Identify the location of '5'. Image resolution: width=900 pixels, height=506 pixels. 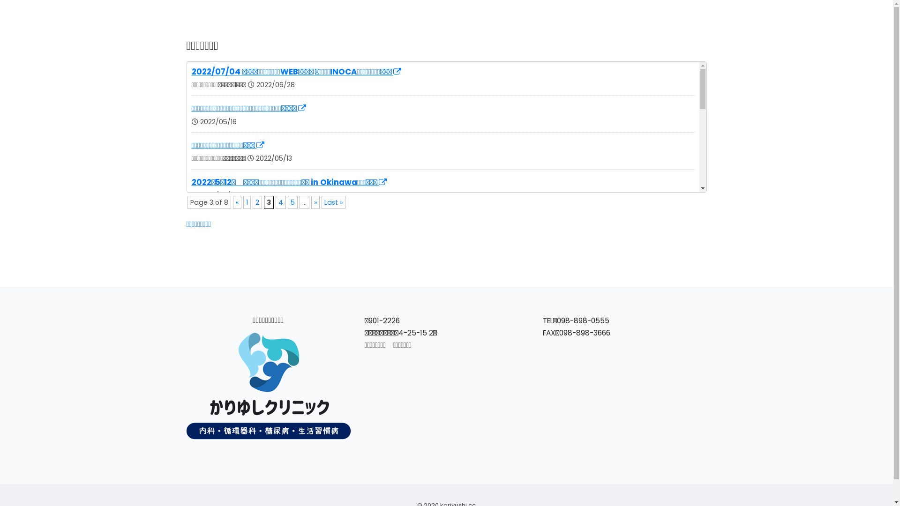
(287, 202).